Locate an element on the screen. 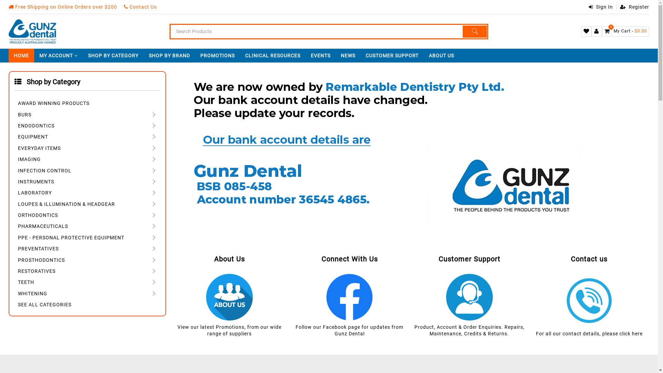 The image size is (663, 373). 'ORTHODONTICS' is located at coordinates (87, 214).